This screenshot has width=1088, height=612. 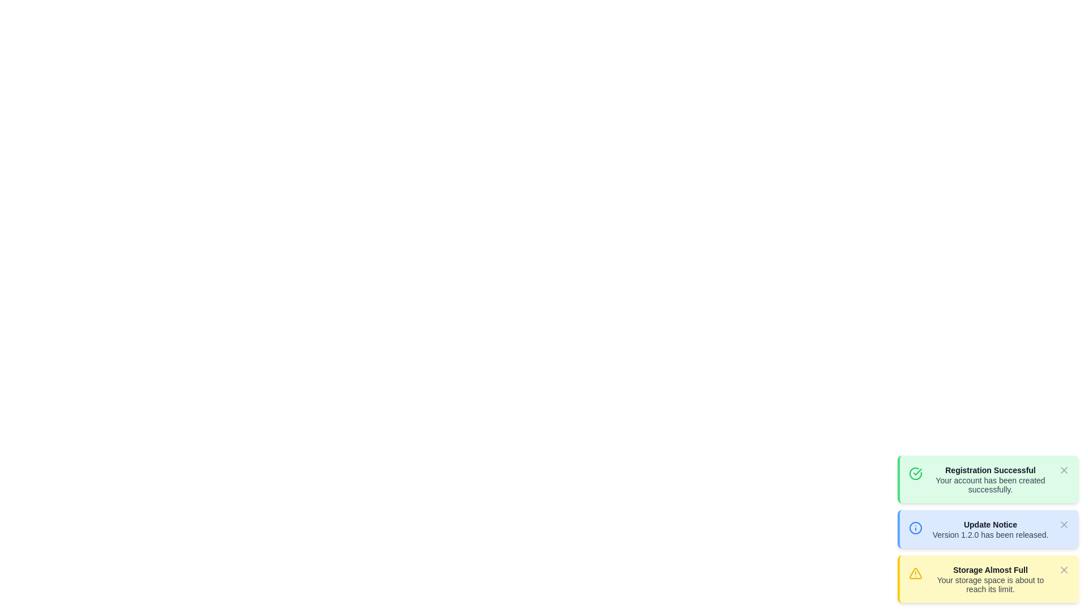 What do you see at coordinates (1063, 470) in the screenshot?
I see `the 'X' icon in the bottom-right corner of the green notification card that reads 'Registration Successful'` at bounding box center [1063, 470].